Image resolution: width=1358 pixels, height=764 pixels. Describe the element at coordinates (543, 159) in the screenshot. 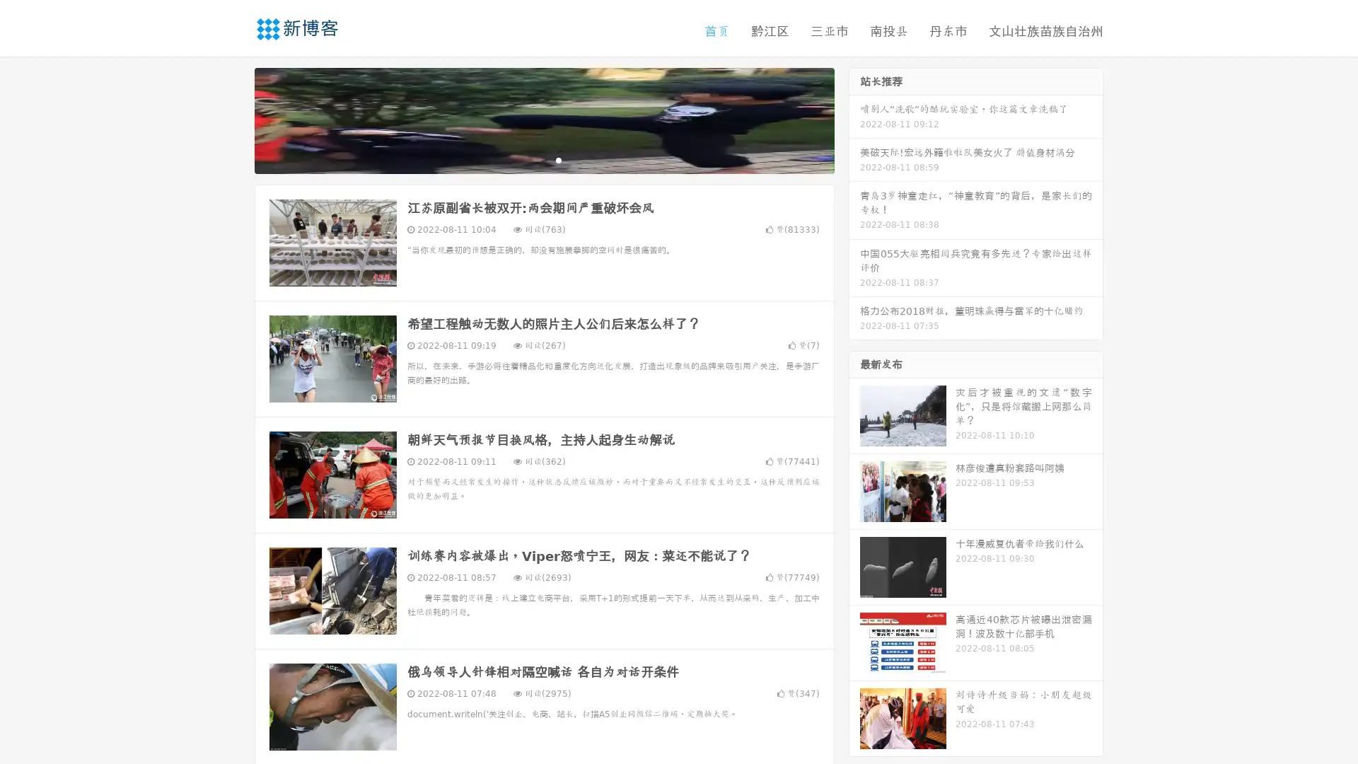

I see `Go to slide 2` at that location.